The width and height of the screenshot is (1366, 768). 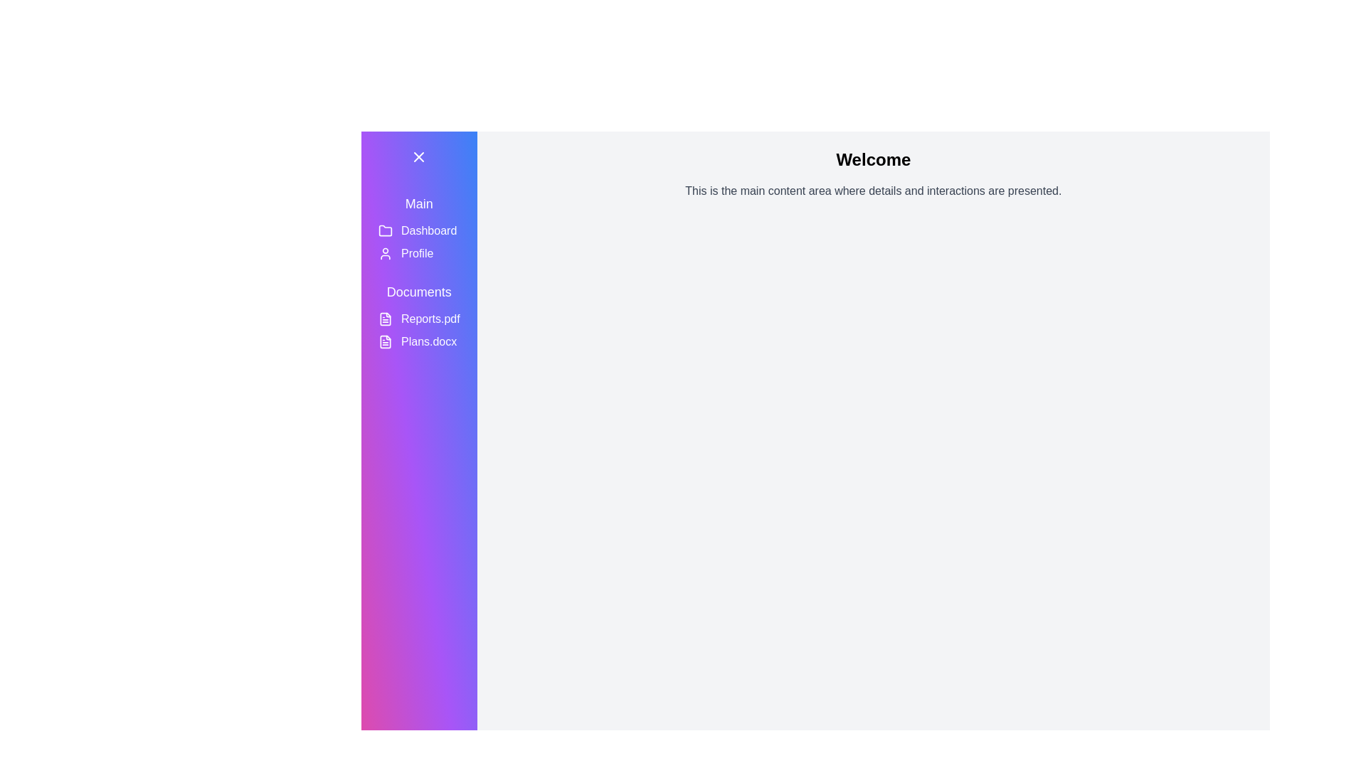 I want to click on the text label 'Reports.pdf' in the sidebar menu, so click(x=430, y=318).